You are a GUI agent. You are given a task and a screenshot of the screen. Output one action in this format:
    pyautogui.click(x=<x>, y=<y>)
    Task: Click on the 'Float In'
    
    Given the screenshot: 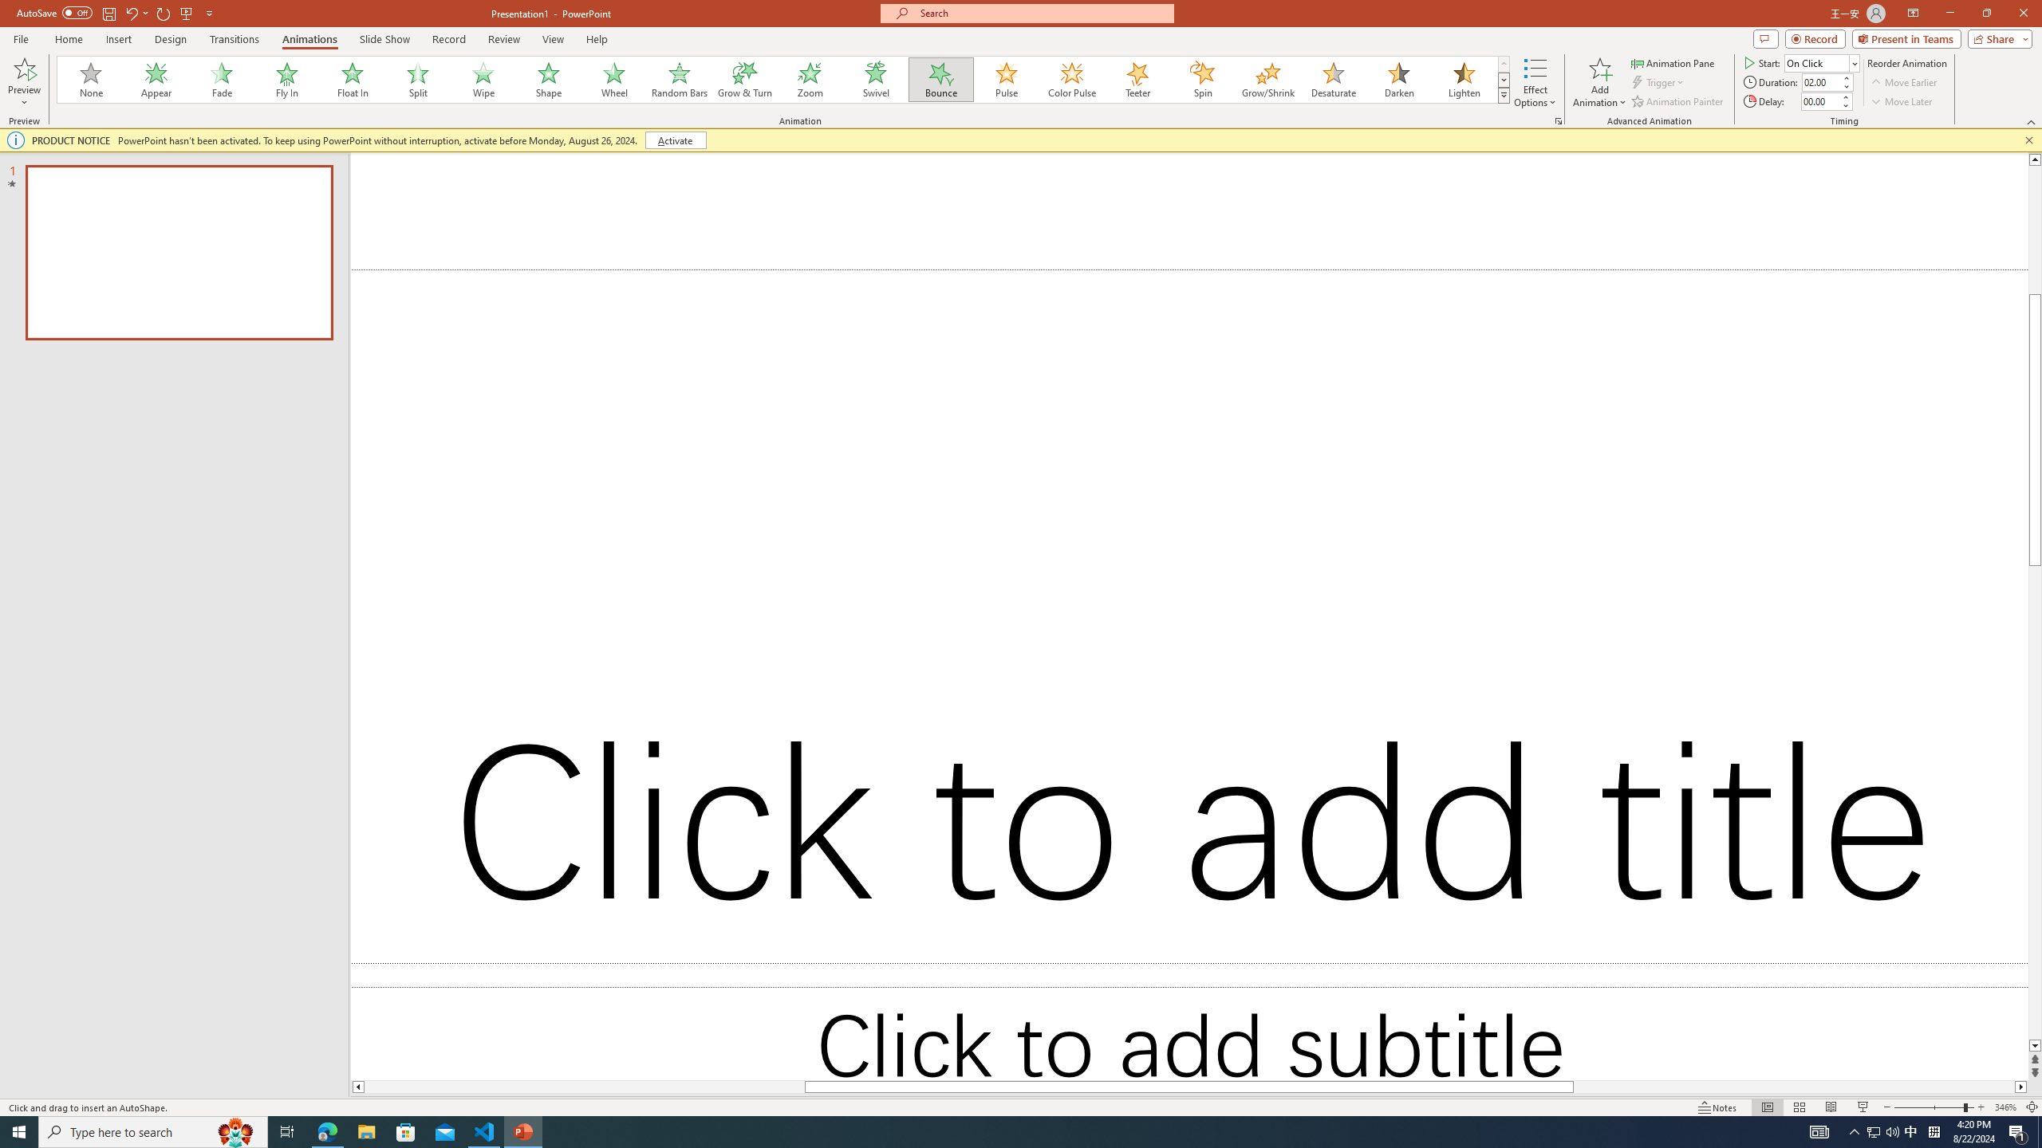 What is the action you would take?
    pyautogui.click(x=352, y=79)
    